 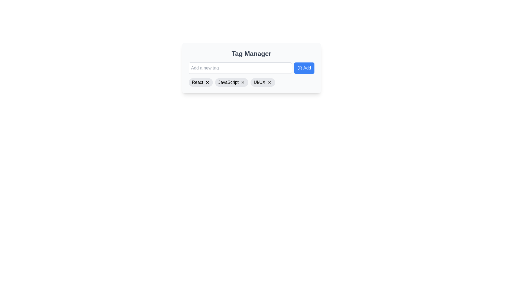 I want to click on the 'JavaScript' label/tag to select the text, which is styled in medium-weight sans-serif font and appears black on a light gray background, along with a small 'X' icon for closing, so click(x=228, y=82).